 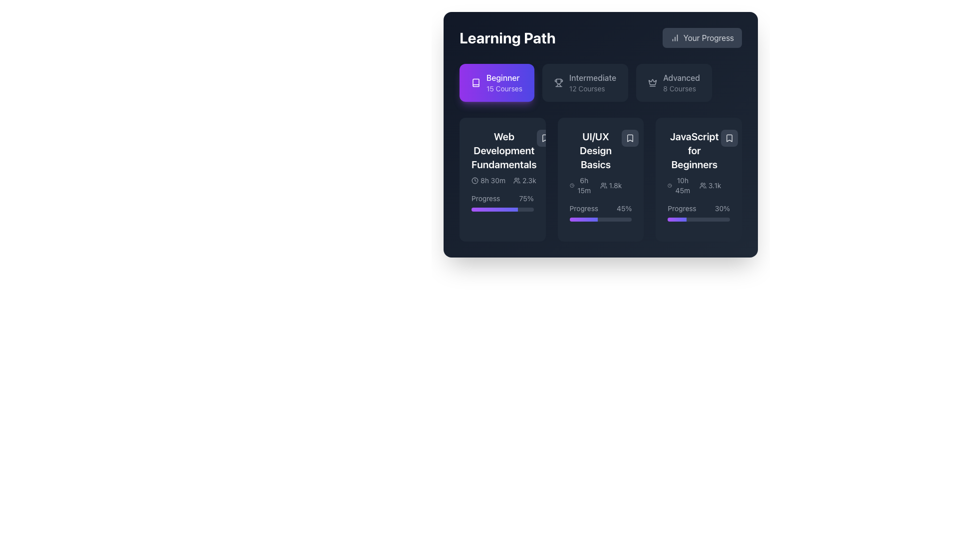 What do you see at coordinates (583, 219) in the screenshot?
I see `the progress bar segment that visually represents 45% completion for the UI/UX Design Basics course, located beneath the 'Progress: 45%' label` at bounding box center [583, 219].